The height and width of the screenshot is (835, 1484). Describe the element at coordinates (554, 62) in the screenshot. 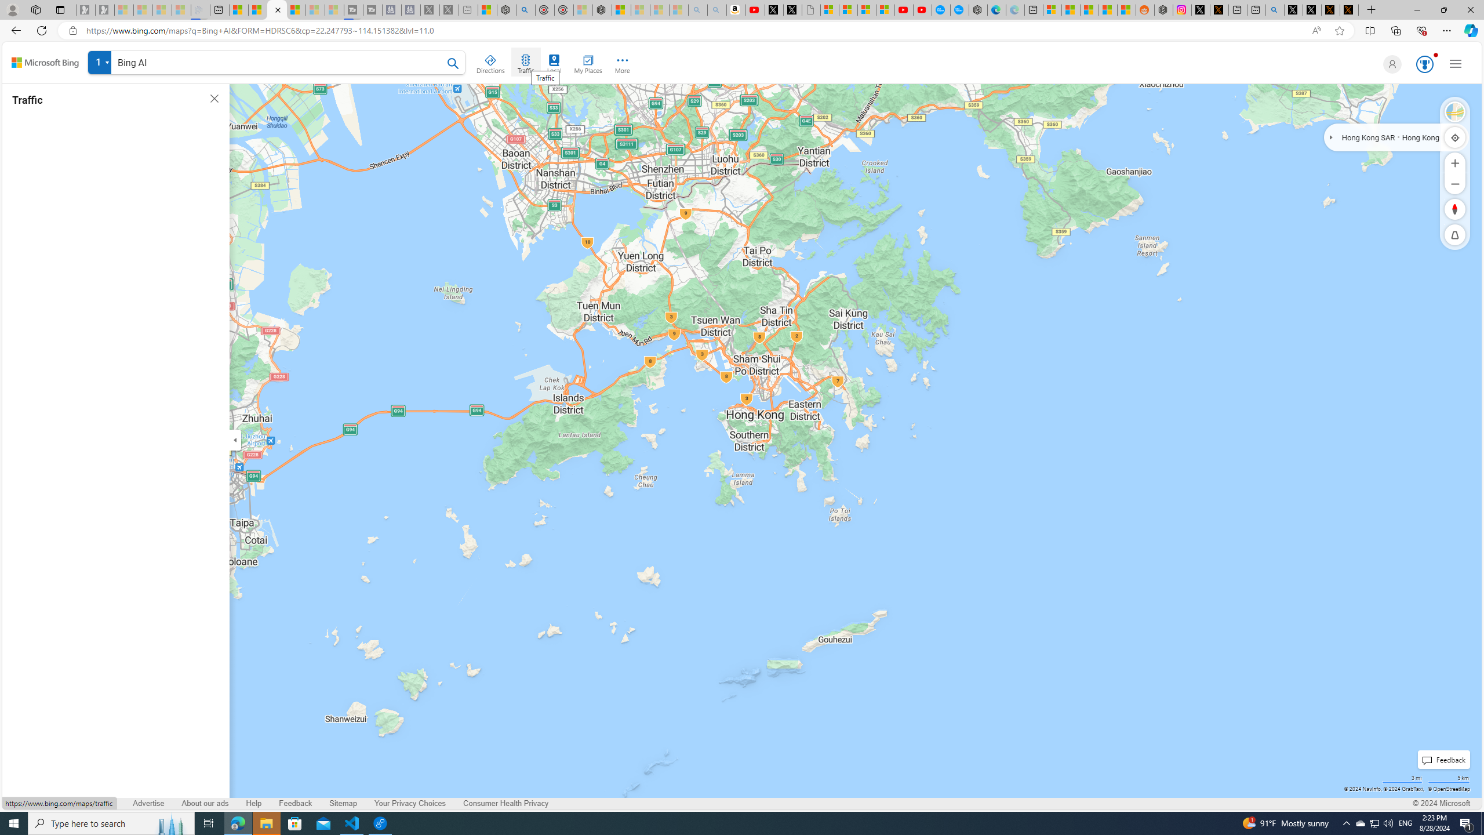

I see `'Local'` at that location.